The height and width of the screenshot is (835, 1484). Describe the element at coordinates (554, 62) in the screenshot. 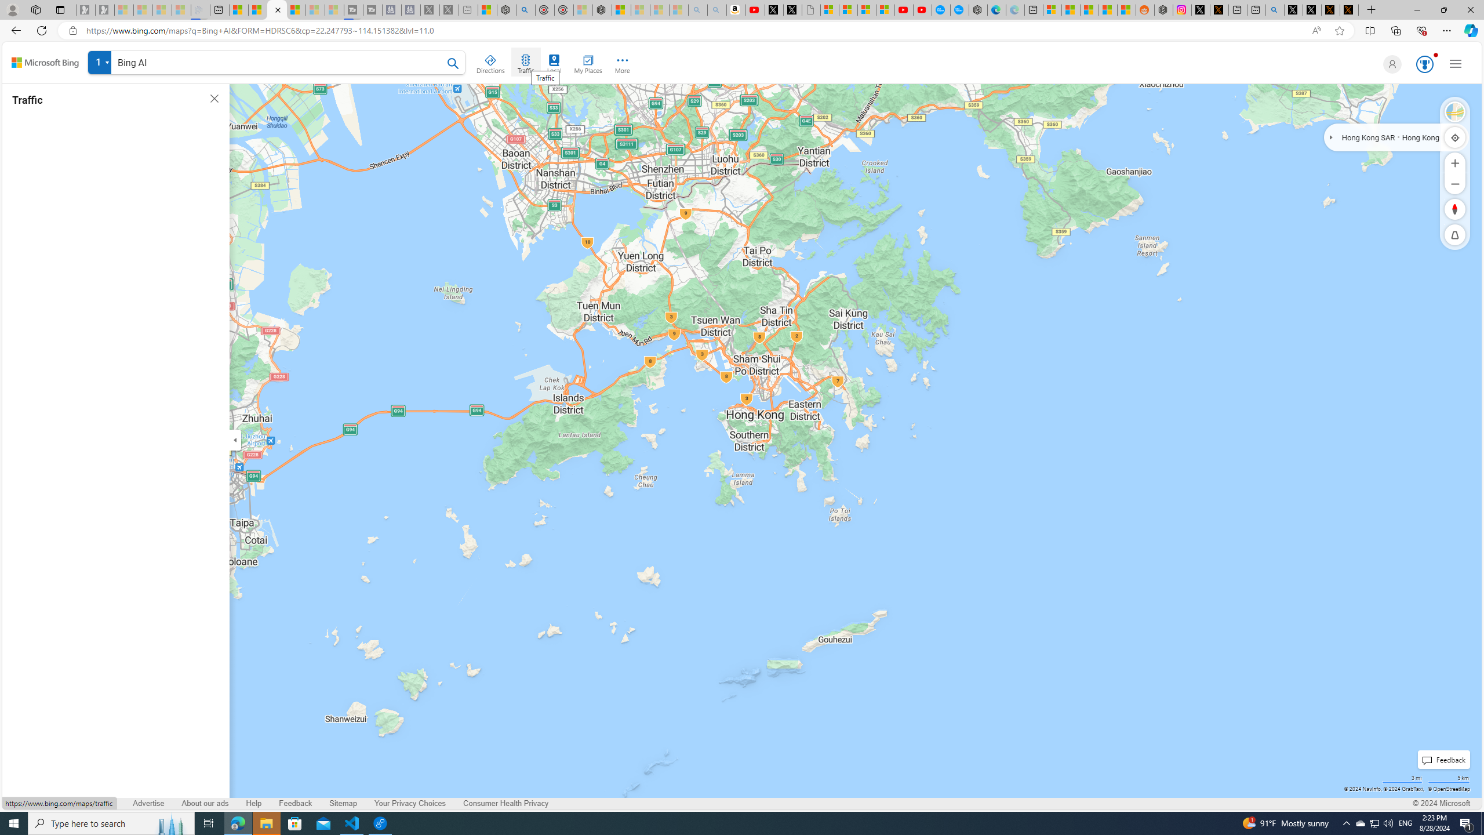

I see `'Local'` at that location.